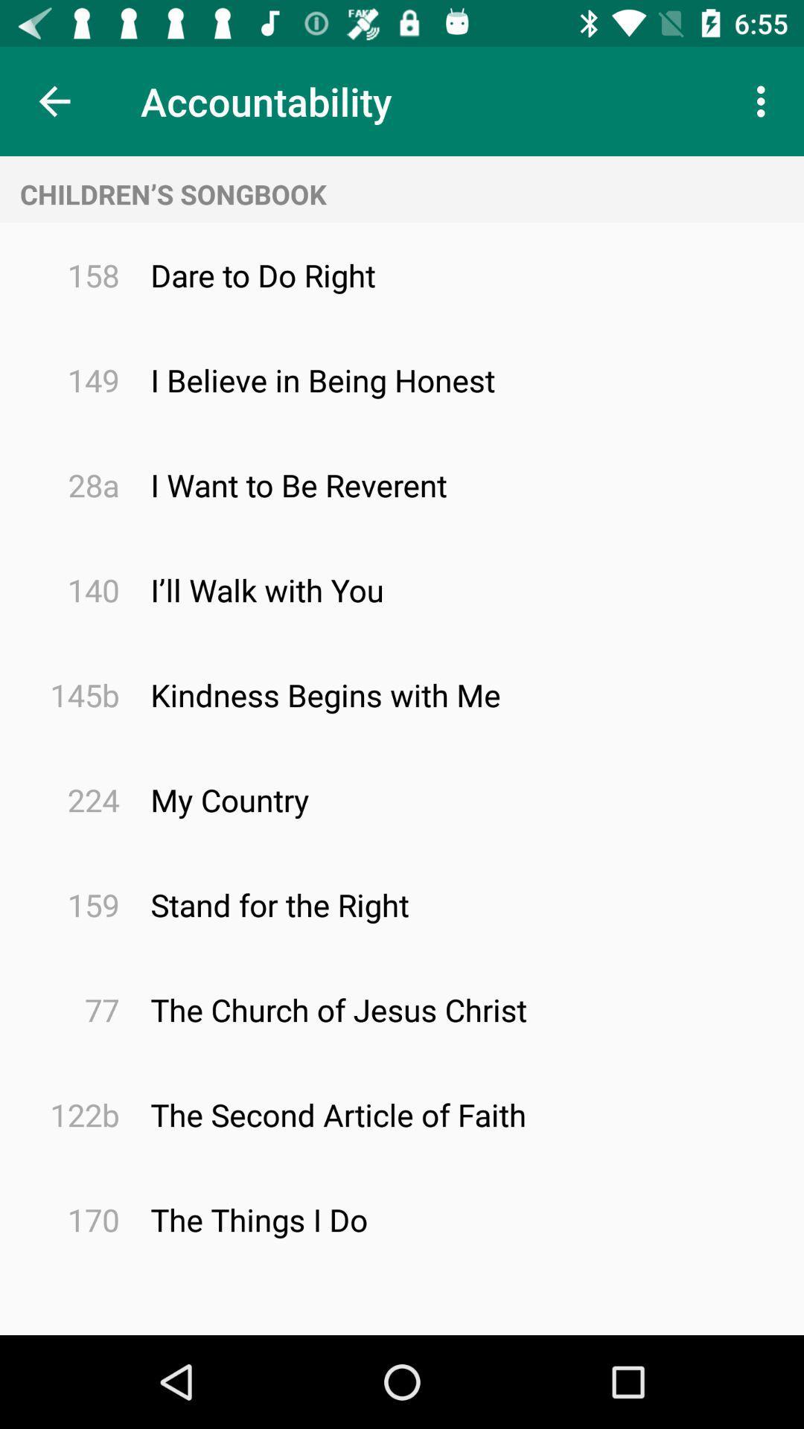 The height and width of the screenshot is (1429, 804). I want to click on the icon next to accountability, so click(54, 100).